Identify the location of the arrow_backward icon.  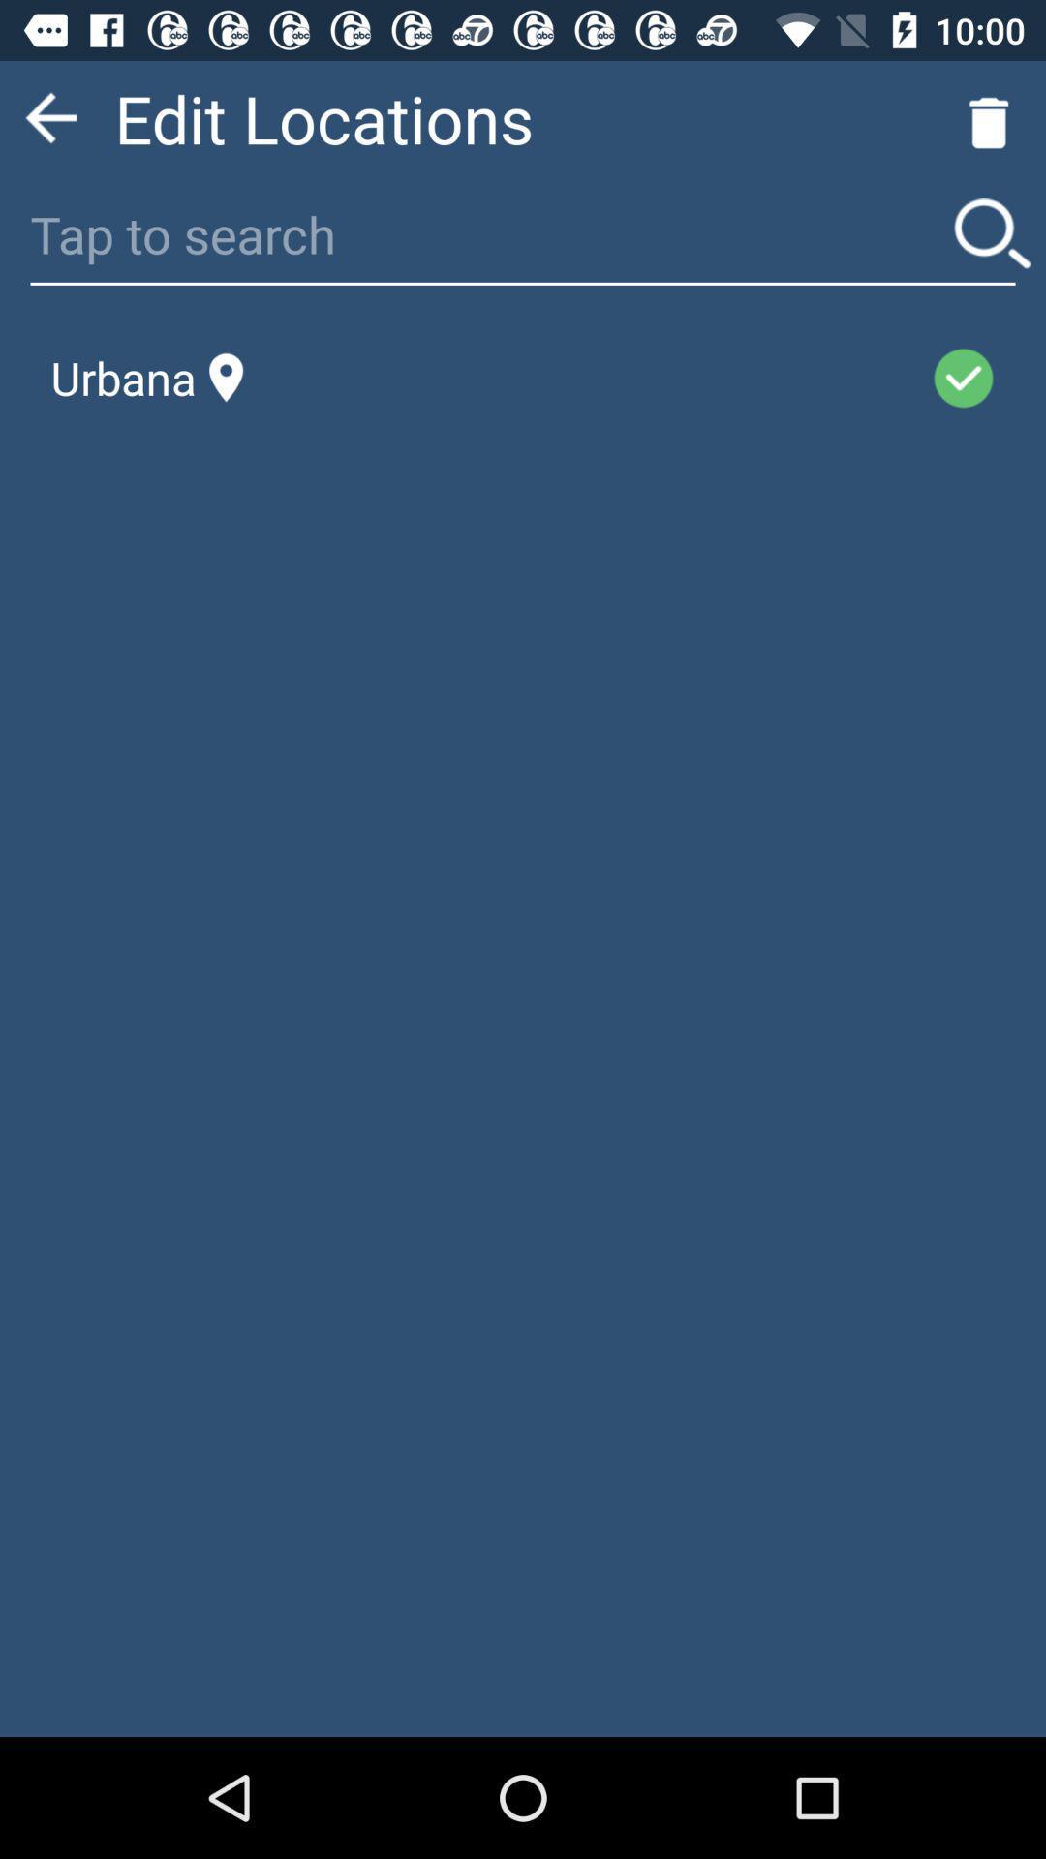
(49, 116).